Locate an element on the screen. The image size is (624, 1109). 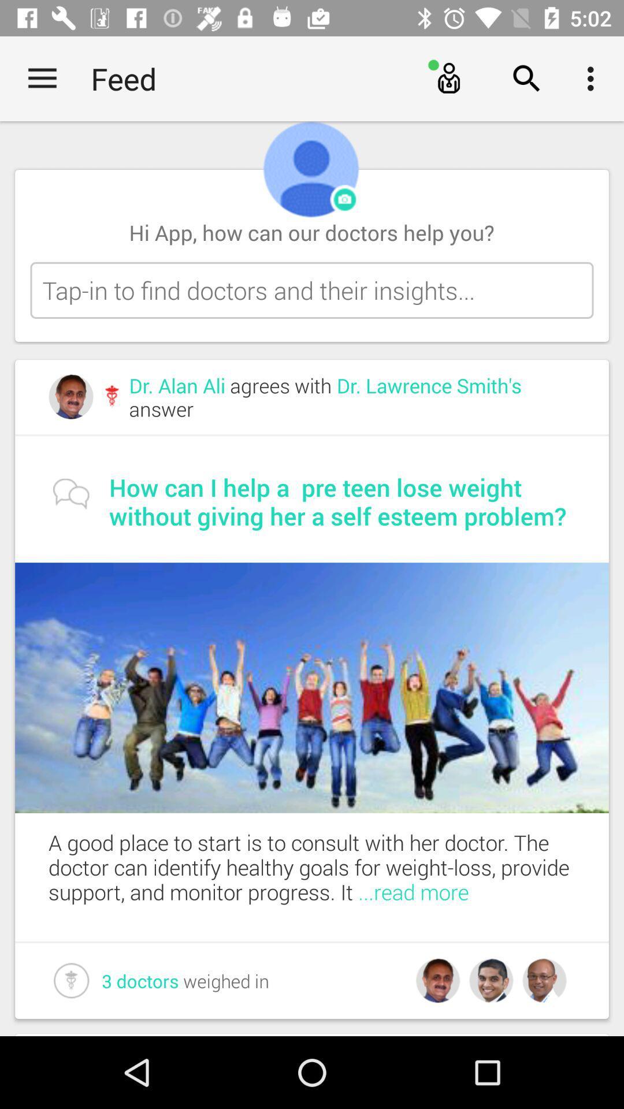
item above a good place is located at coordinates (312, 687).